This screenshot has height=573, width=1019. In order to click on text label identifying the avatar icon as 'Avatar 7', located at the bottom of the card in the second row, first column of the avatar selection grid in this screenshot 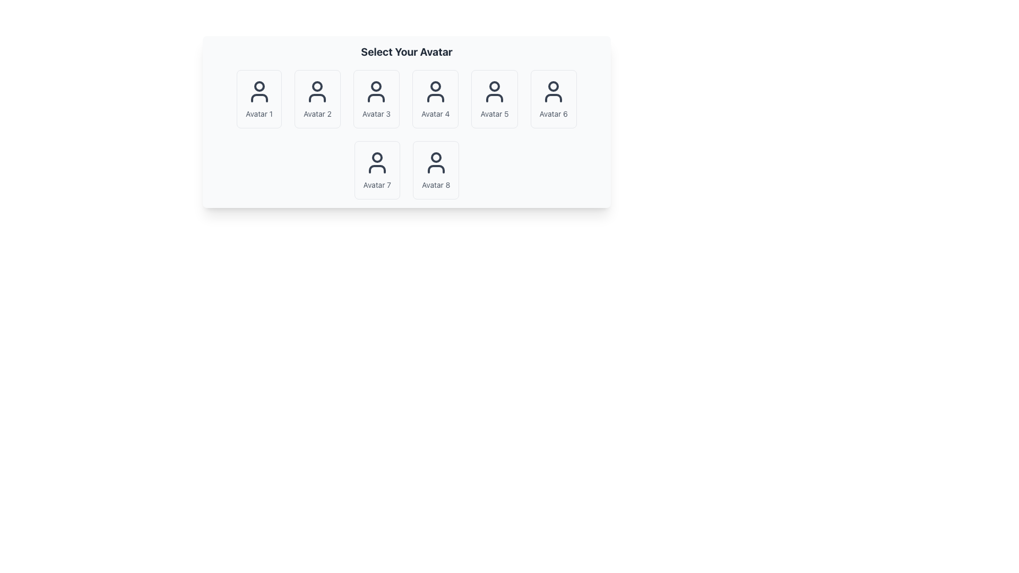, I will do `click(377, 184)`.